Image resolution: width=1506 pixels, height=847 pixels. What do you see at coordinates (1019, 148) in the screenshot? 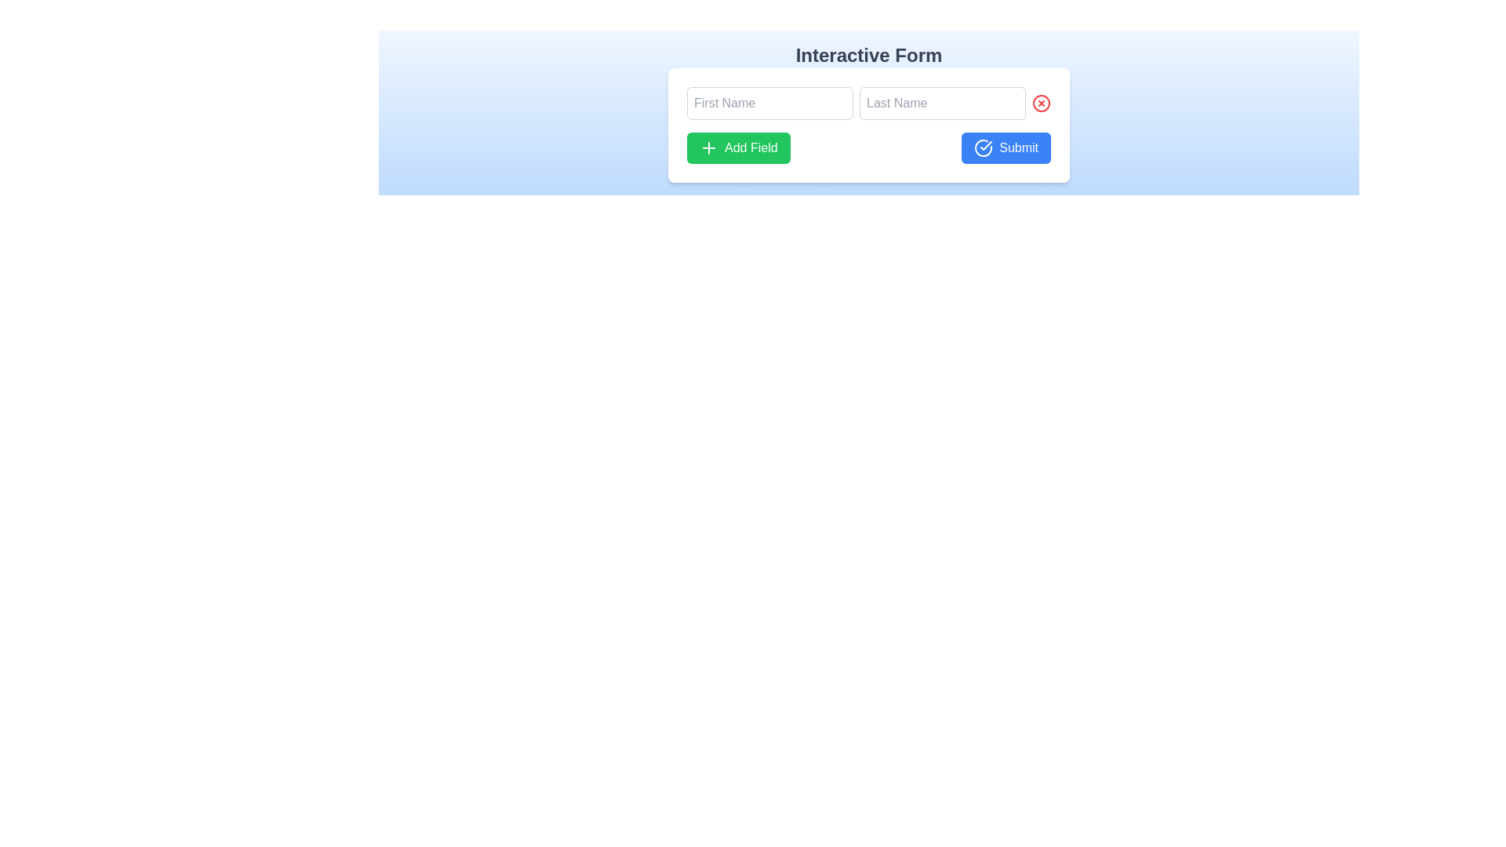
I see `the text label of the submission button located towards the right-hand corner of the layout, which indicates the action performed by the button` at bounding box center [1019, 148].